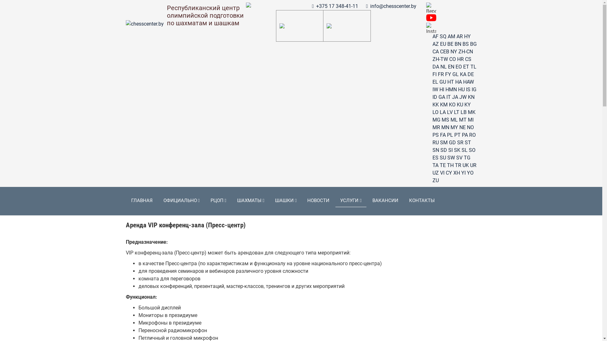 Image resolution: width=607 pixels, height=341 pixels. I want to click on 'AF', so click(435, 36).